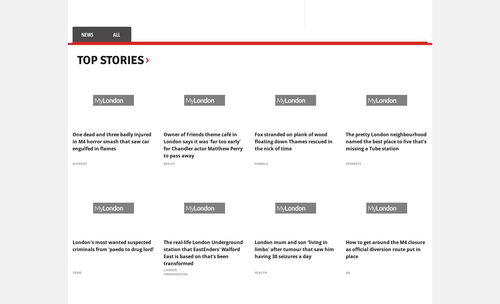 The width and height of the screenshot is (500, 304). Describe the element at coordinates (110, 60) in the screenshot. I see `'Top Stories'` at that location.